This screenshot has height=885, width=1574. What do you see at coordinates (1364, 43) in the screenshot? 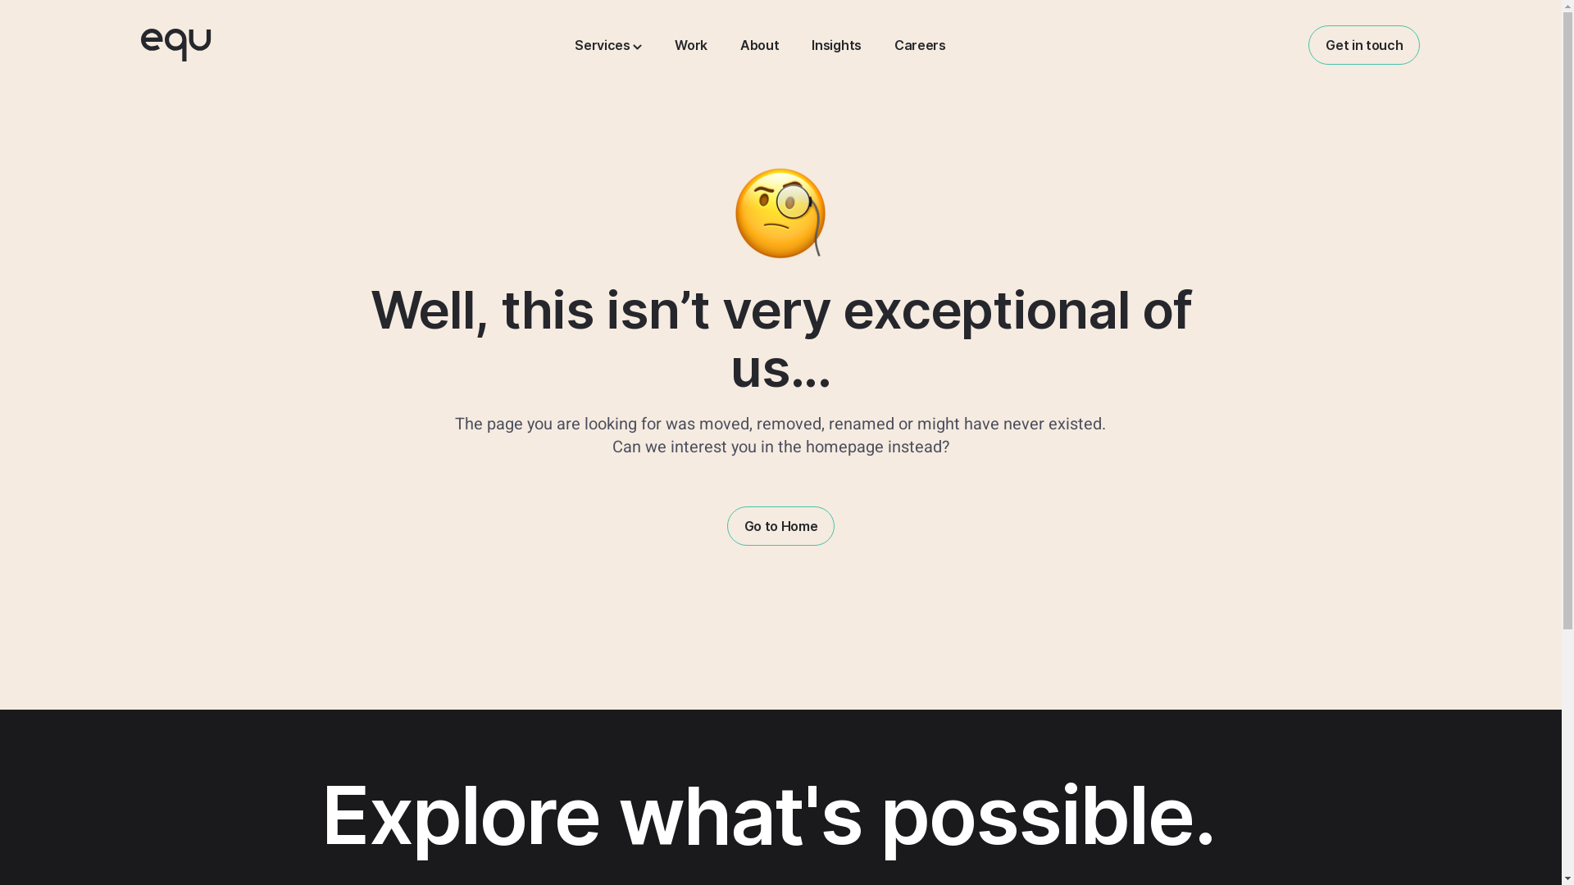
I see `'Get in touch'` at bounding box center [1364, 43].